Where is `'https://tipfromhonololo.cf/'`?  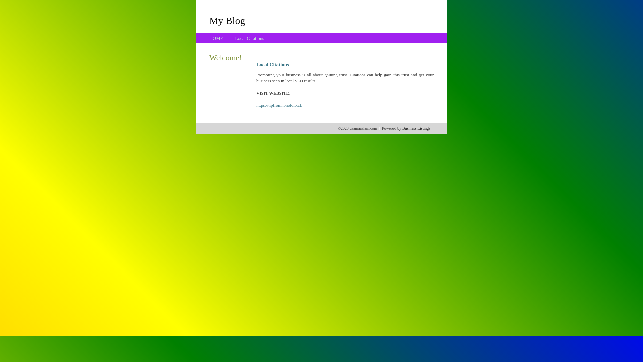 'https://tipfromhonololo.cf/' is located at coordinates (279, 105).